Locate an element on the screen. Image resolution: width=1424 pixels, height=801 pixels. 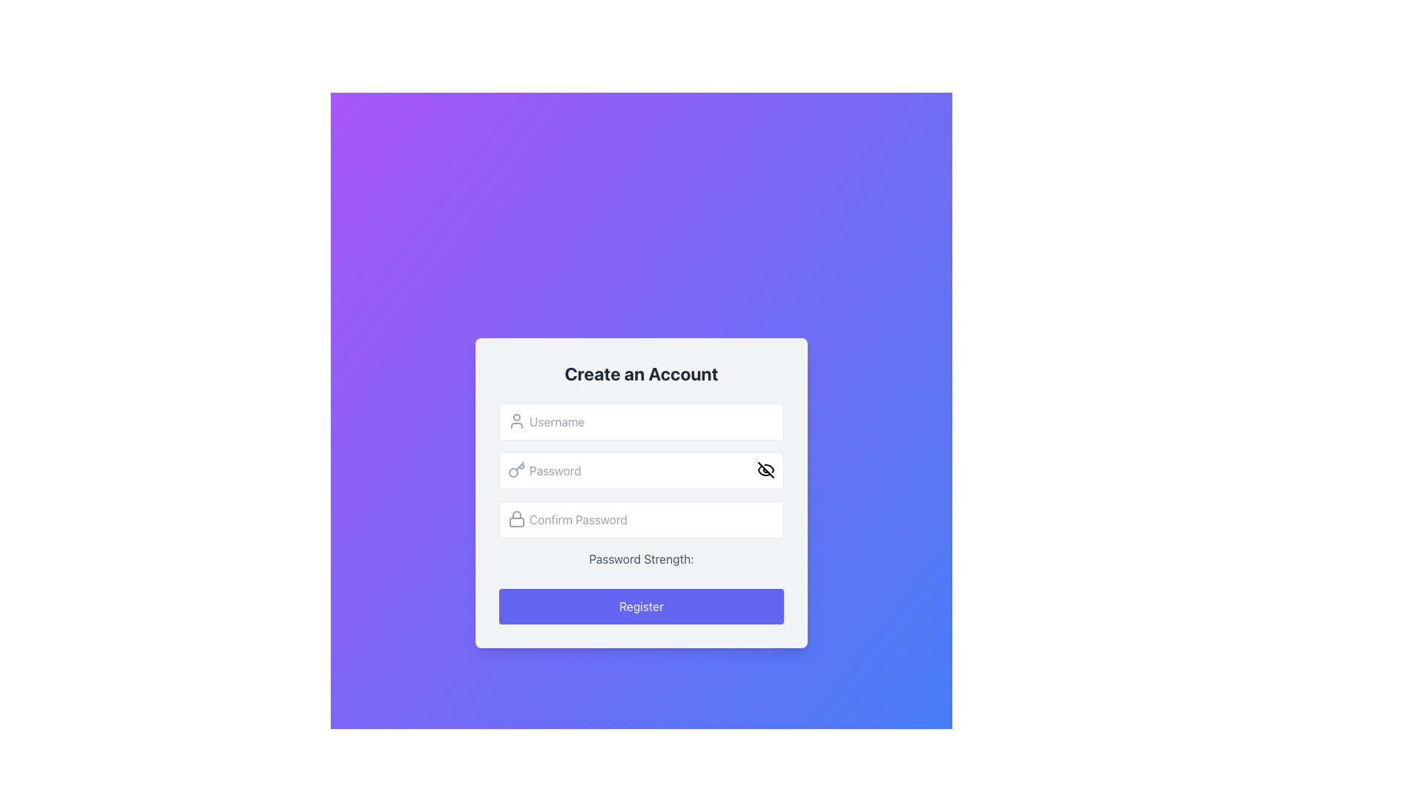
the username input field at the top of the registration form for text entry is located at coordinates (641, 422).